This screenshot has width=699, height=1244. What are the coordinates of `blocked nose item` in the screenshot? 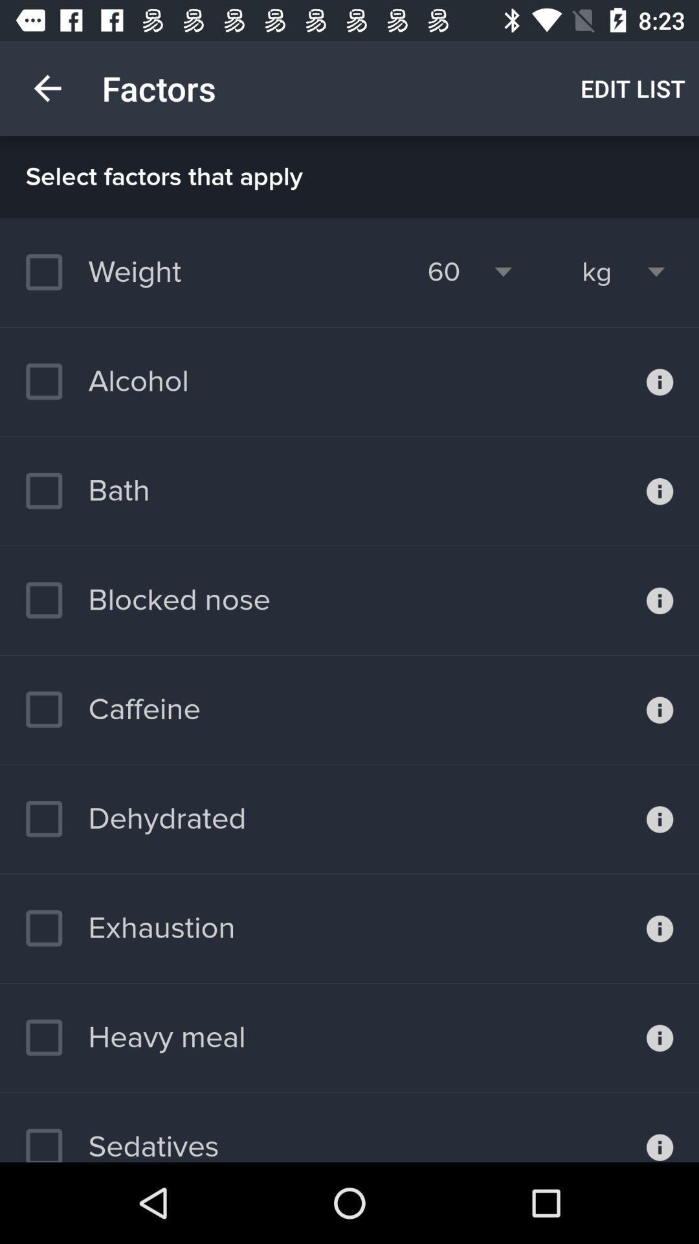 It's located at (147, 599).